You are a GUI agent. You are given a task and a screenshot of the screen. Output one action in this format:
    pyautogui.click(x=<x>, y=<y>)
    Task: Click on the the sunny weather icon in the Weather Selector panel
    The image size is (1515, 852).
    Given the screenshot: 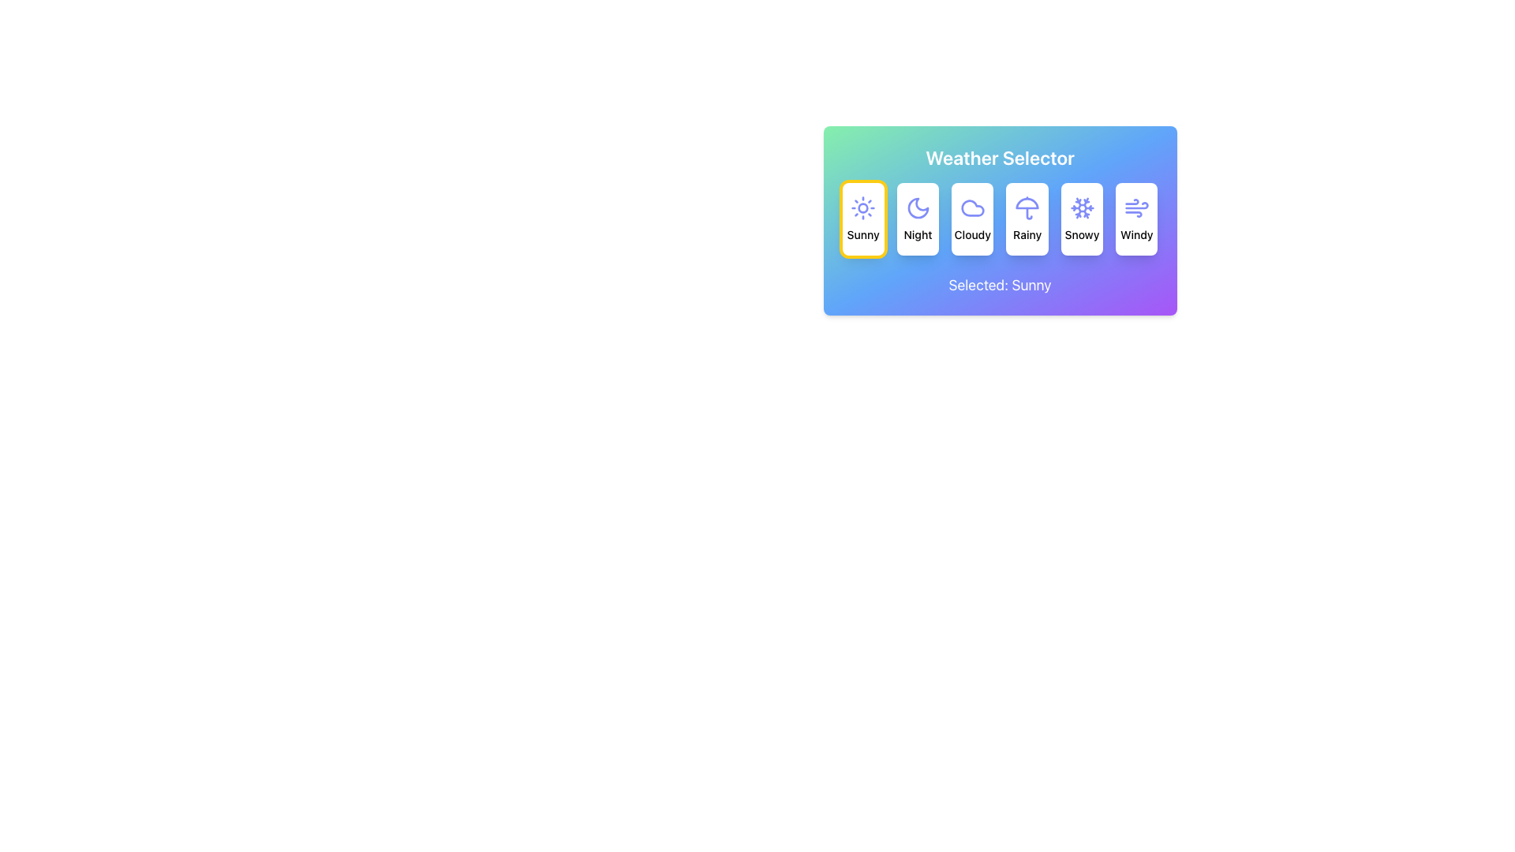 What is the action you would take?
    pyautogui.click(x=862, y=207)
    